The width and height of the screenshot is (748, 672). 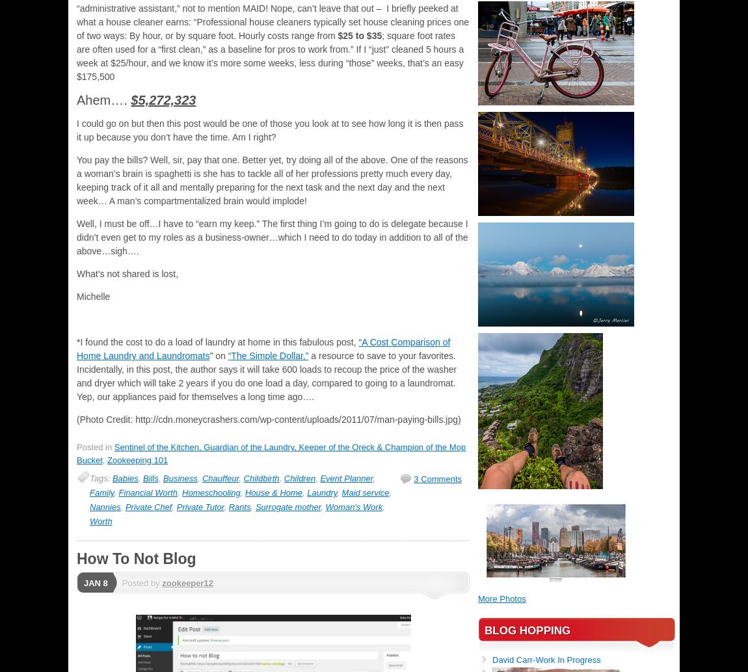 I want to click on '$5,272,323', so click(x=130, y=100).